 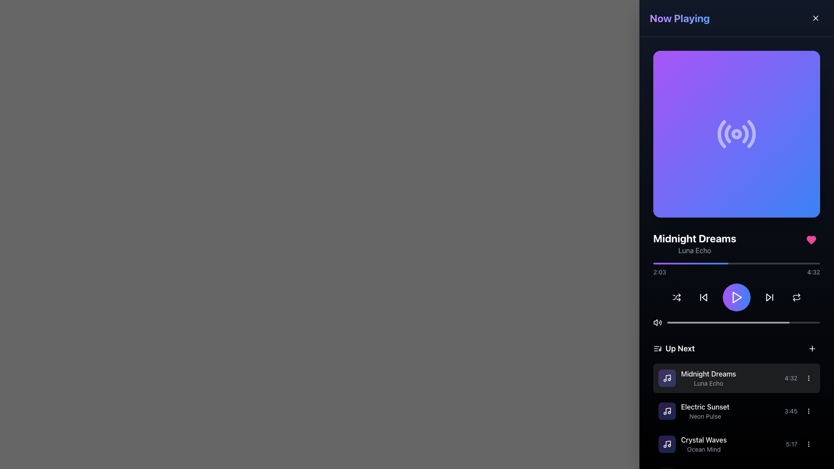 What do you see at coordinates (765, 323) in the screenshot?
I see `playback position` at bounding box center [765, 323].